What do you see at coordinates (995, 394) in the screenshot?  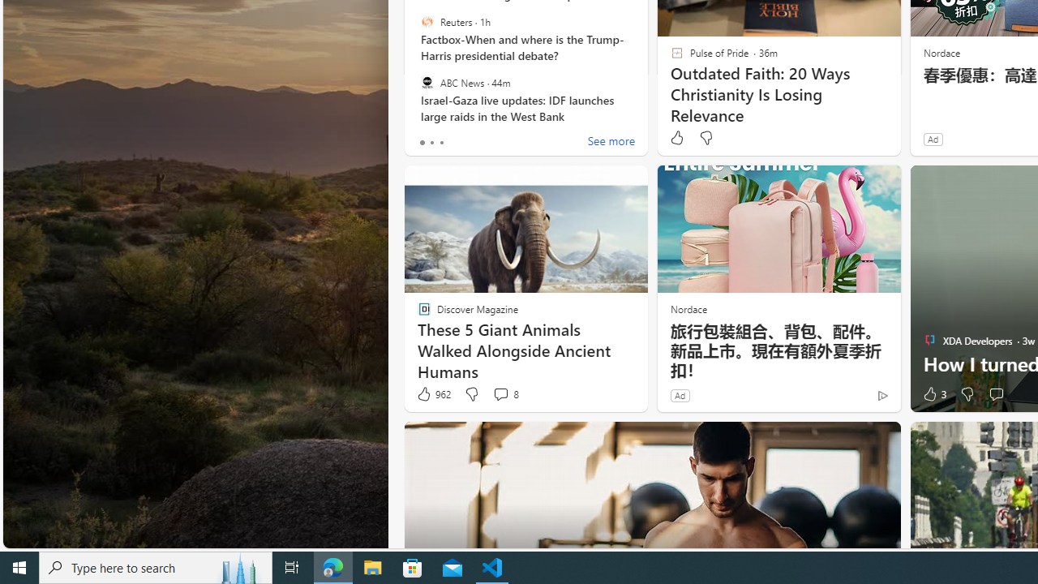 I see `'Start the conversation'` at bounding box center [995, 394].